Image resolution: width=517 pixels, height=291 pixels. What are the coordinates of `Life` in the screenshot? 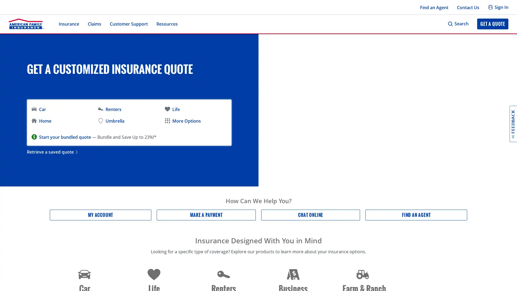 It's located at (172, 109).